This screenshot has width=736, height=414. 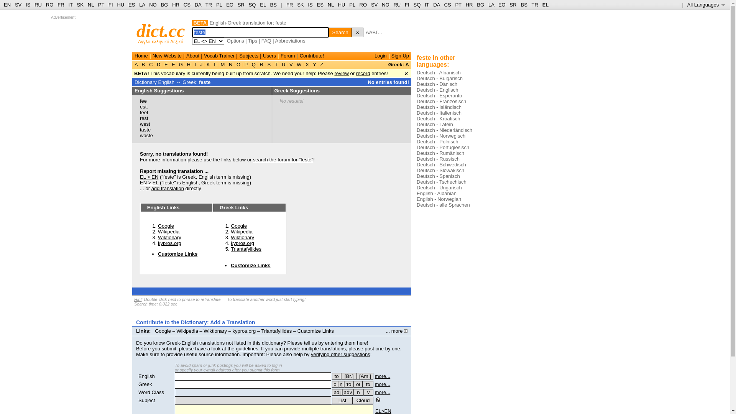 I want to click on 'Deutsch - Italienisch', so click(x=416, y=113).